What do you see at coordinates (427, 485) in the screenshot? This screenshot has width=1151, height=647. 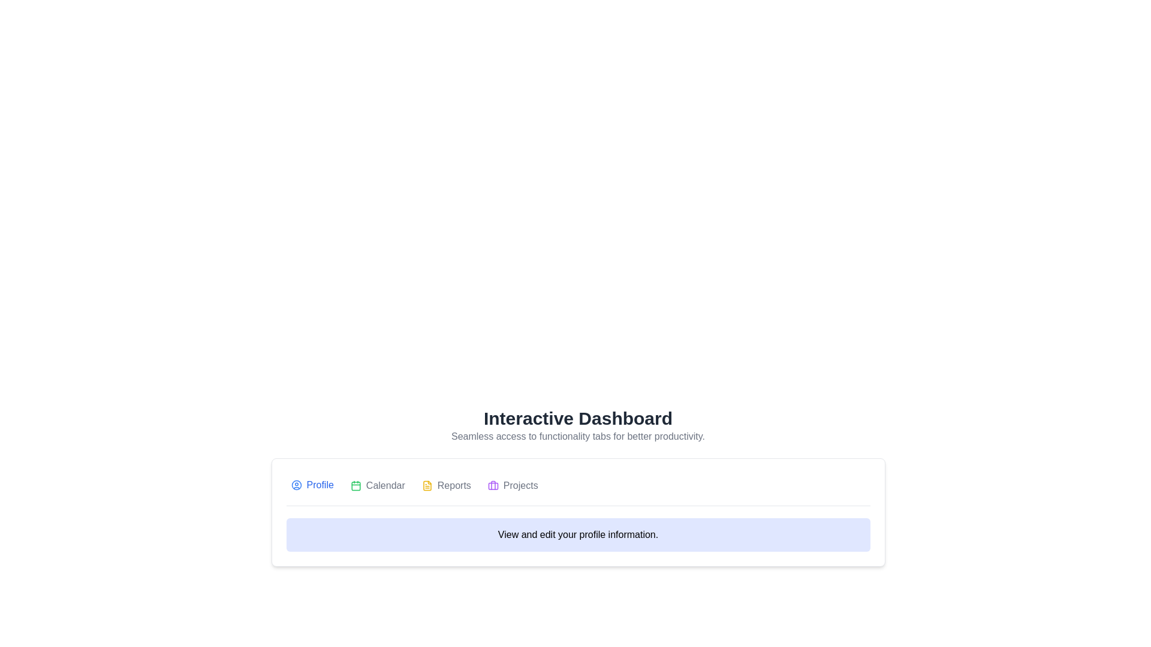 I see `the file or folder icon with a yellow hue located within the 'Reports' tab, which resembles a file with a visible document outline` at bounding box center [427, 485].